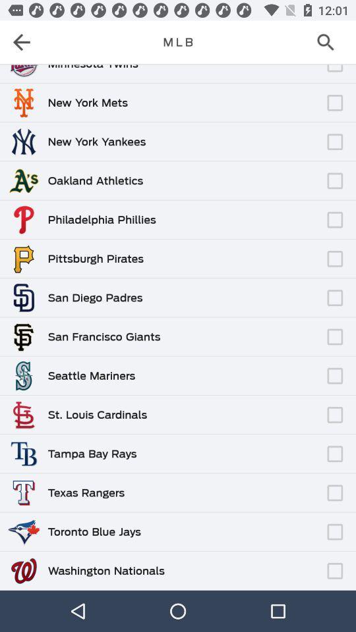 This screenshot has height=632, width=356. I want to click on search the page, so click(329, 42).